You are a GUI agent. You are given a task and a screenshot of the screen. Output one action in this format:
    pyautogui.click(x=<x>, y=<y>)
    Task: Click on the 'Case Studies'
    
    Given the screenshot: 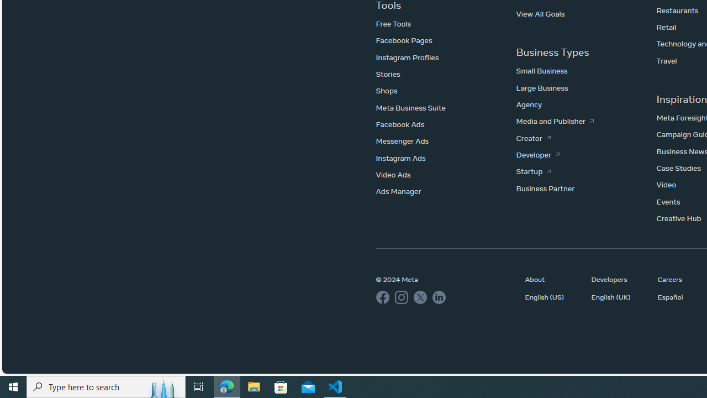 What is the action you would take?
    pyautogui.click(x=678, y=168)
    